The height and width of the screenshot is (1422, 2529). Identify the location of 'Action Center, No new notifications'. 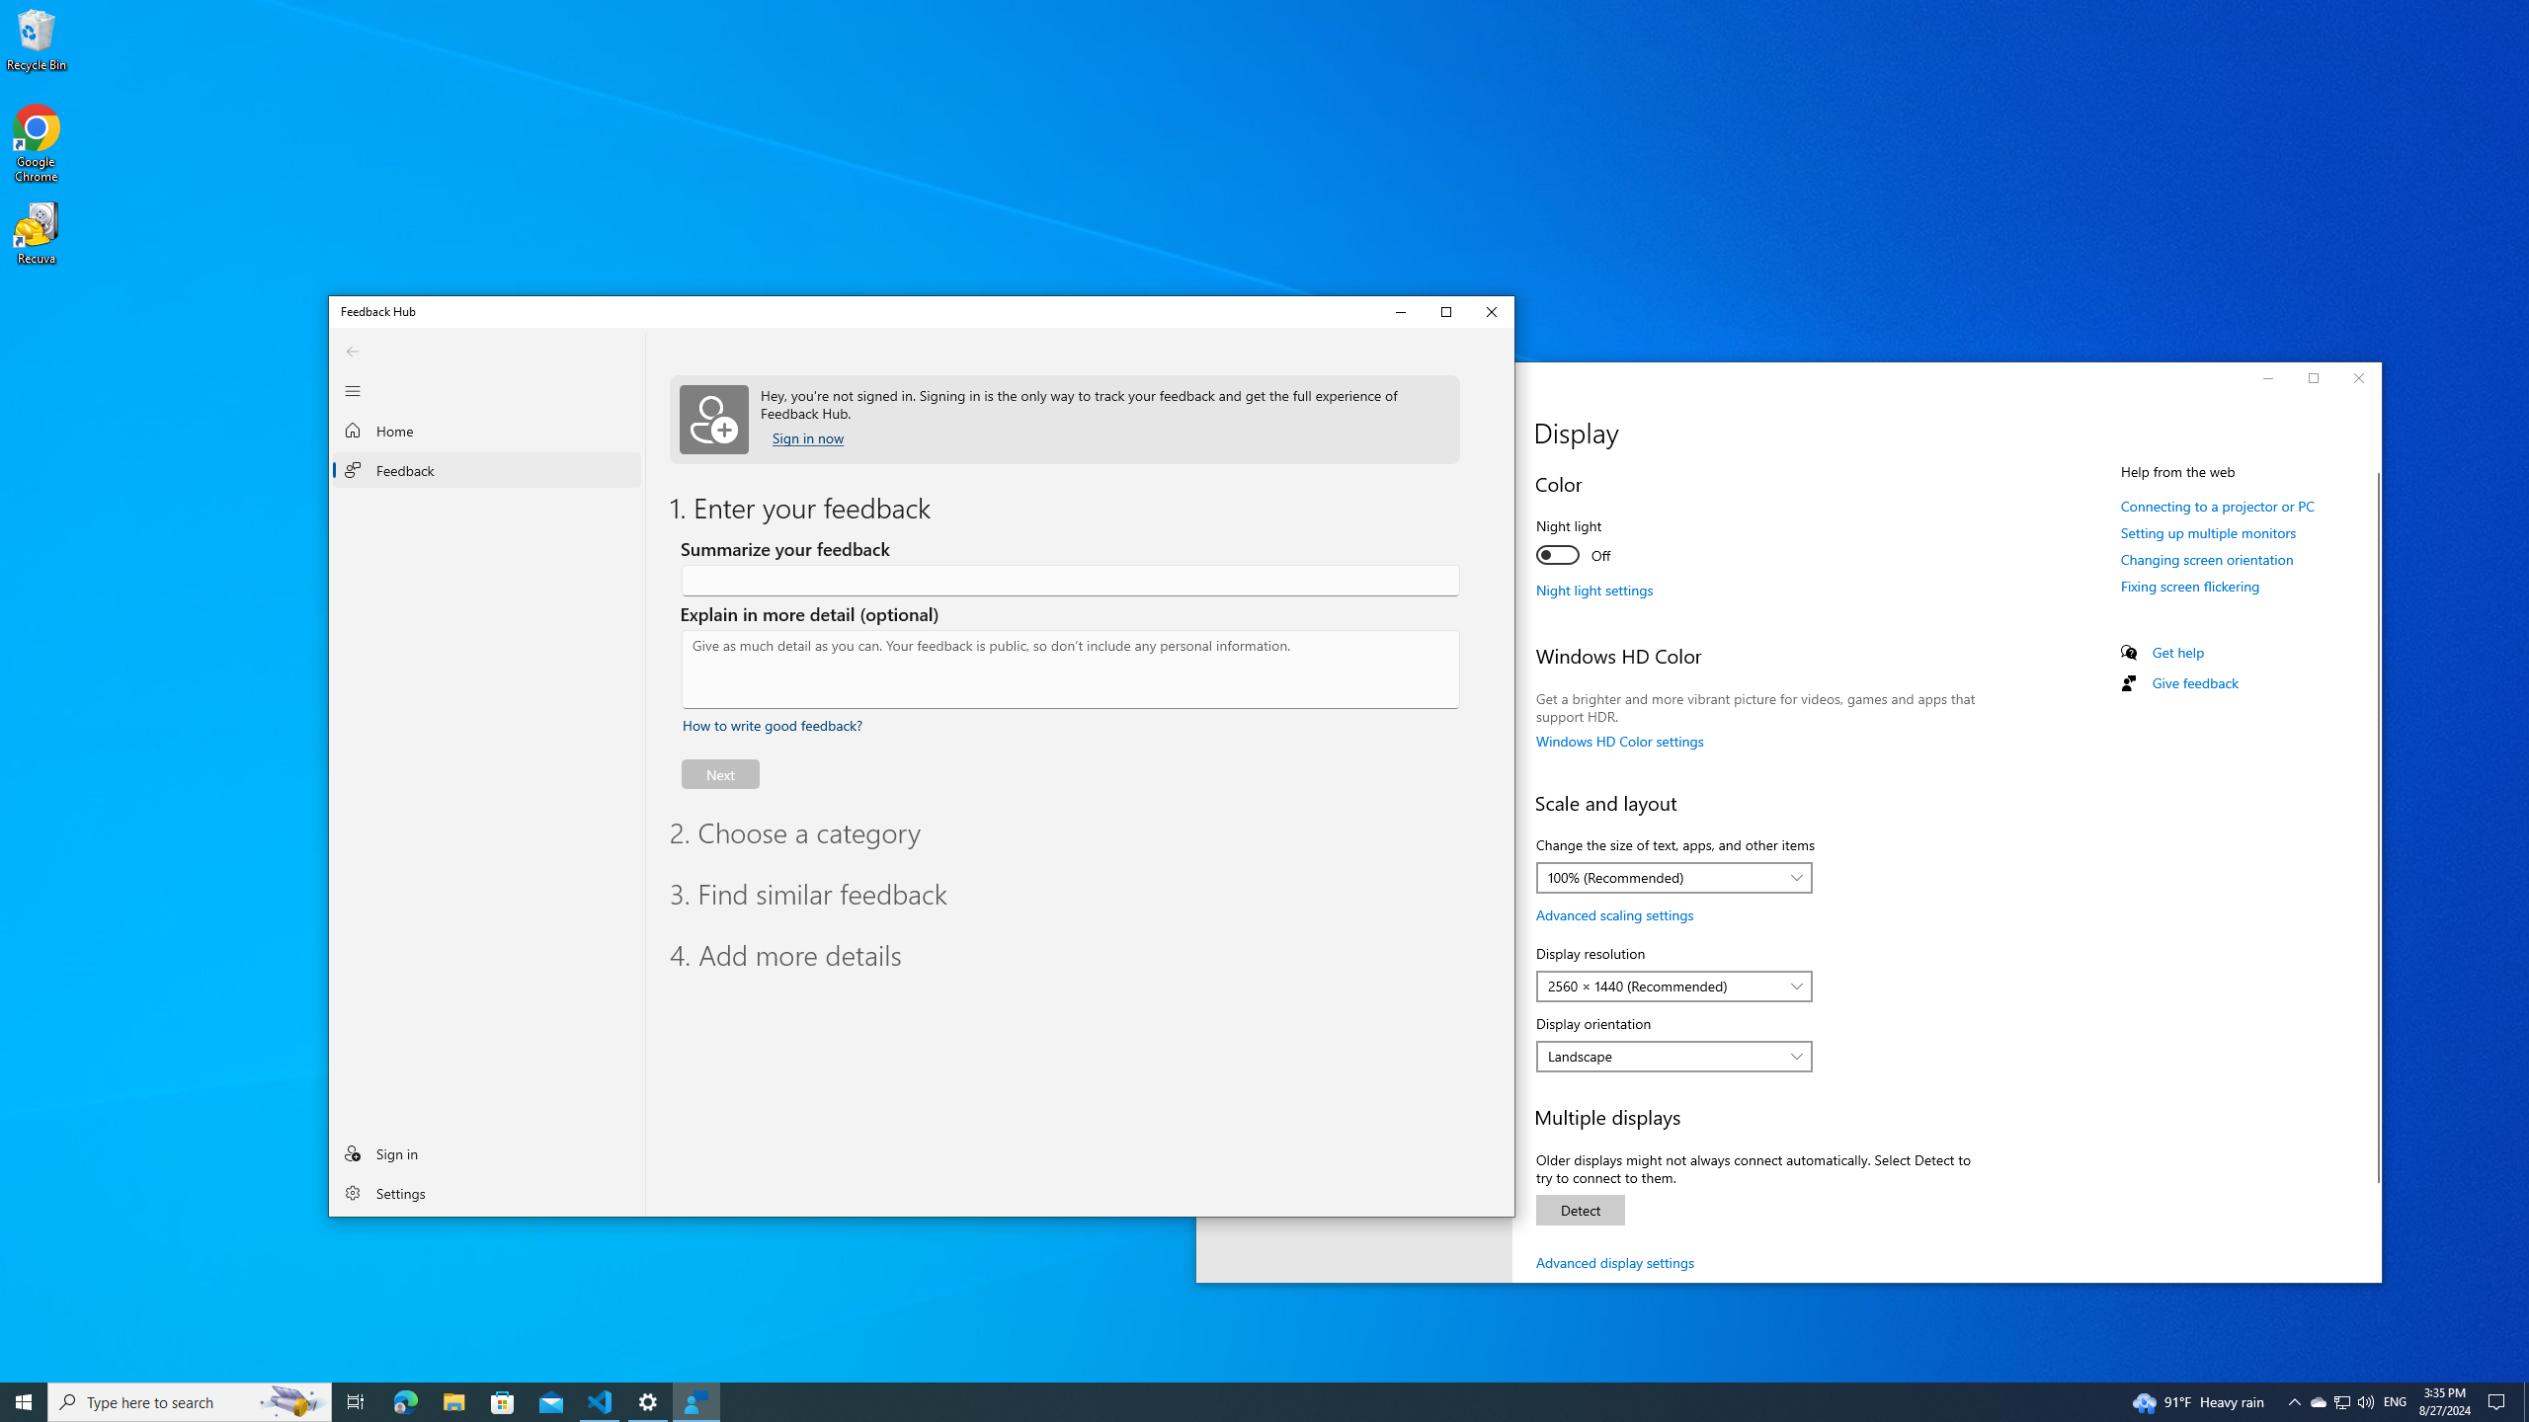
(2499, 1400).